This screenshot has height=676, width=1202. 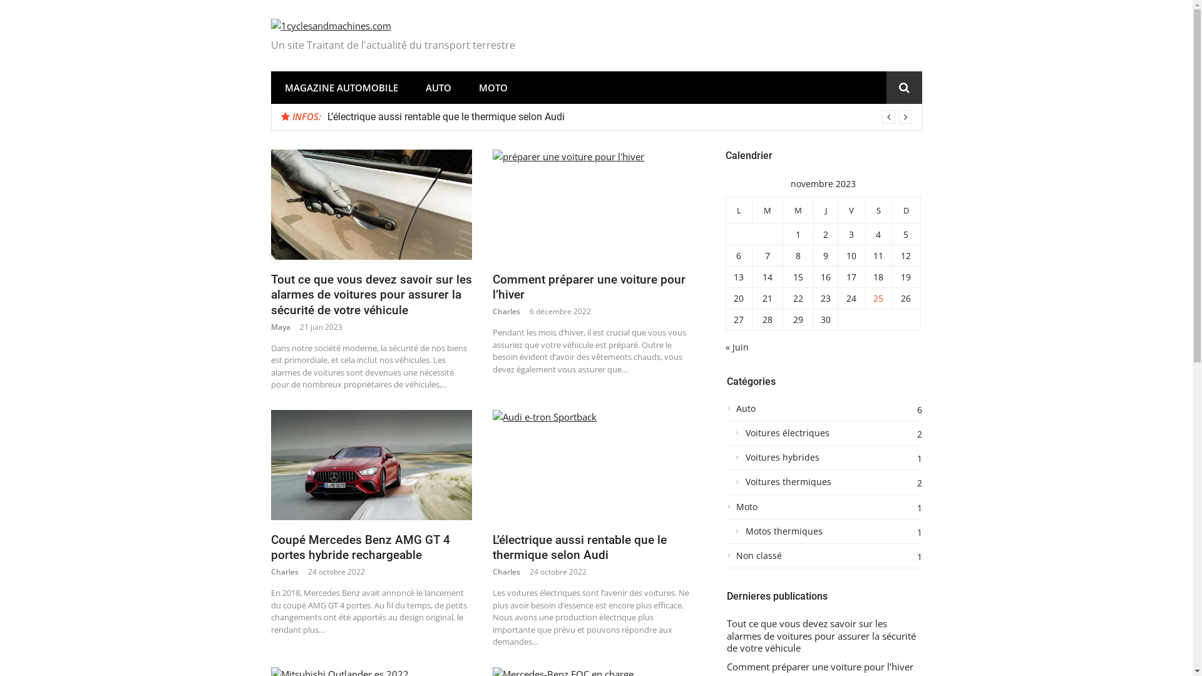 What do you see at coordinates (823, 535) in the screenshot?
I see `'Motos thermiques'` at bounding box center [823, 535].